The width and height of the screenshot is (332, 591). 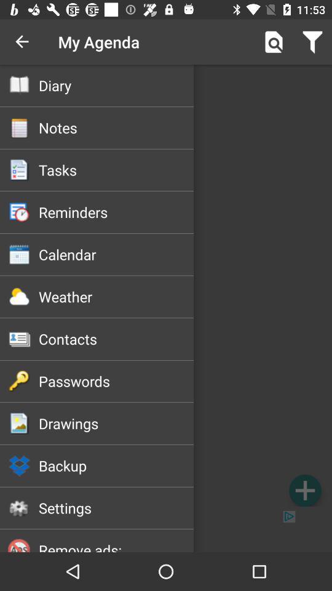 I want to click on icon below the calendar, so click(x=116, y=296).